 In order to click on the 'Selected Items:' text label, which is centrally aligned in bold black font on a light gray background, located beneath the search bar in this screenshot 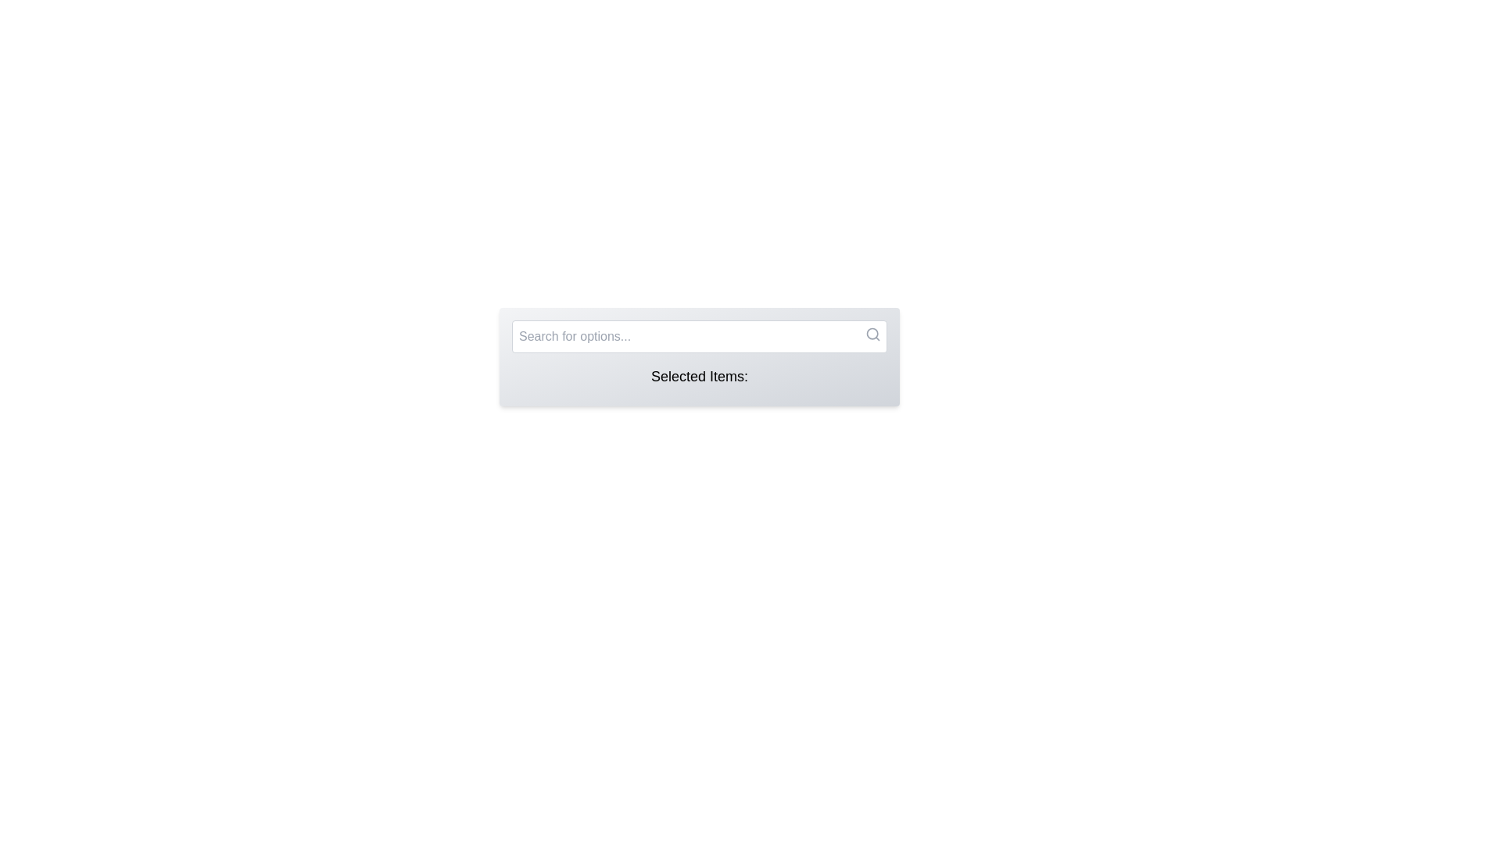, I will do `click(698, 380)`.